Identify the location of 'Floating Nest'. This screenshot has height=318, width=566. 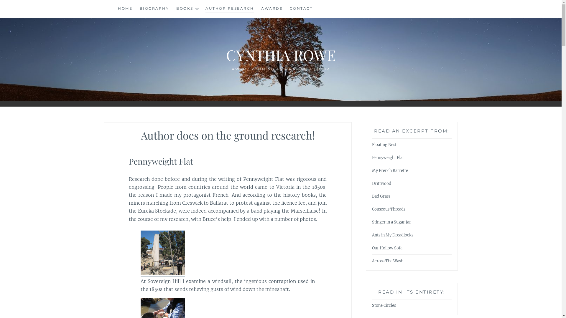
(384, 145).